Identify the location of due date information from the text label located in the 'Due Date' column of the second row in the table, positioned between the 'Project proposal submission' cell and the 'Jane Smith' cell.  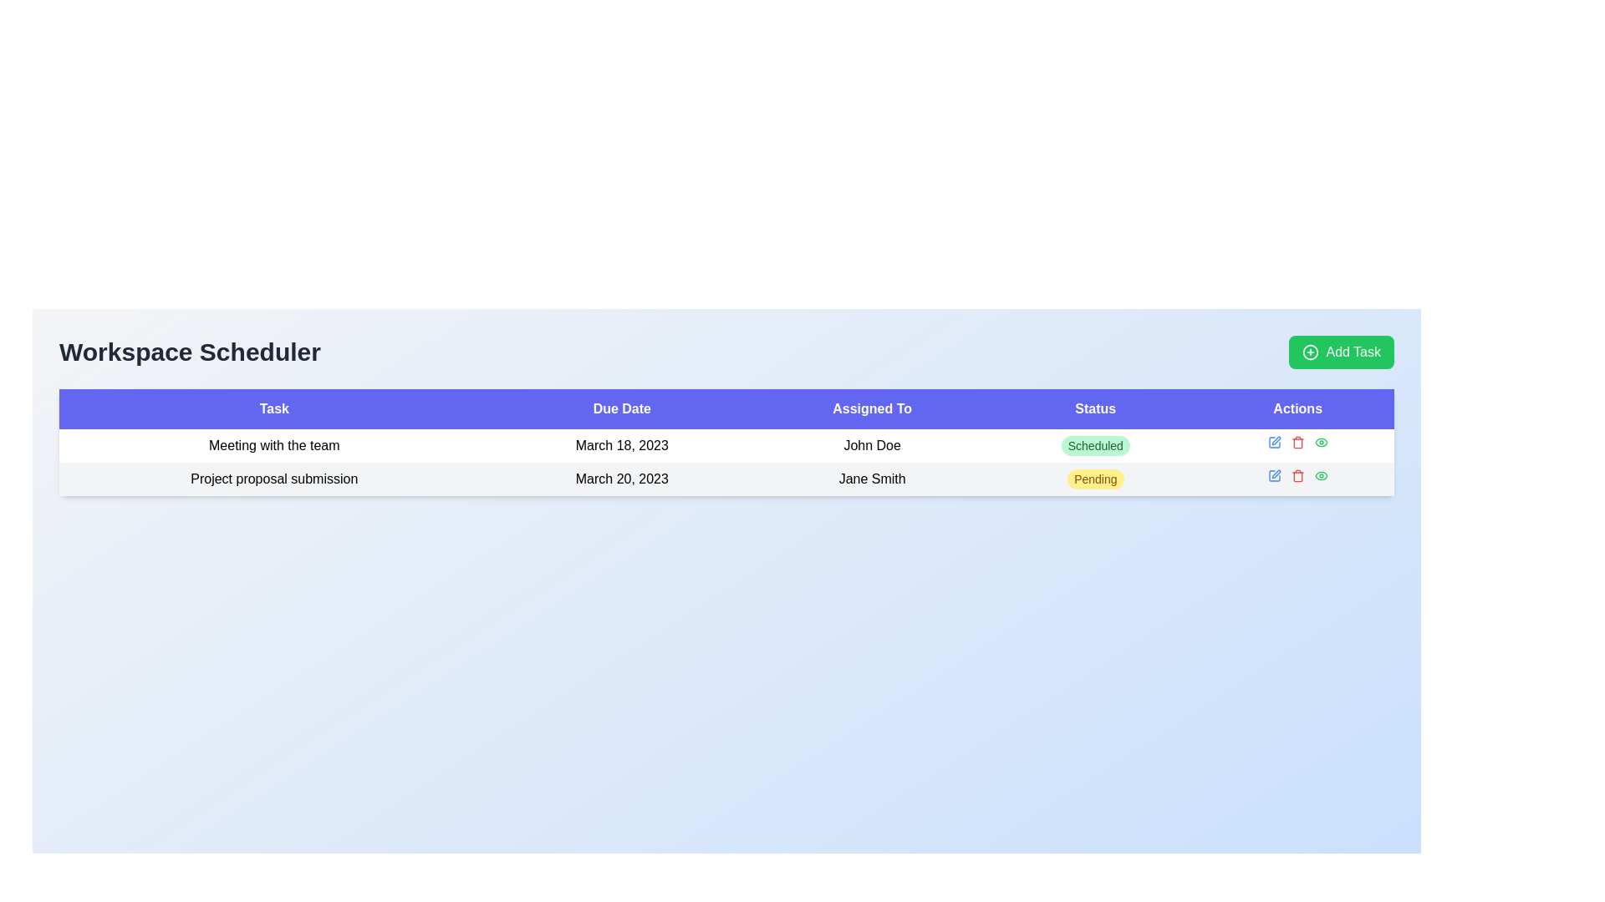
(621, 479).